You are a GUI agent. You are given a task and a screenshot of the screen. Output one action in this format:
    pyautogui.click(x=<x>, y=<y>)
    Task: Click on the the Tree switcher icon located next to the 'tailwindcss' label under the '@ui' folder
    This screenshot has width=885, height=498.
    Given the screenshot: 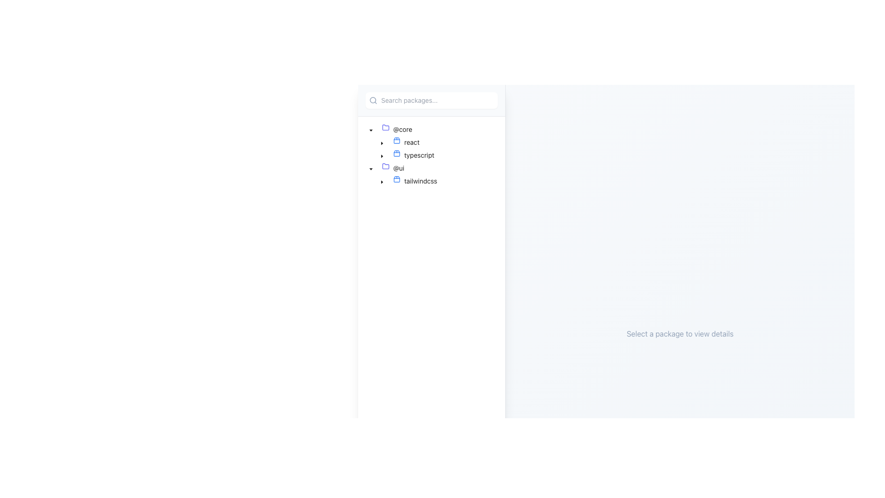 What is the action you would take?
    pyautogui.click(x=382, y=181)
    